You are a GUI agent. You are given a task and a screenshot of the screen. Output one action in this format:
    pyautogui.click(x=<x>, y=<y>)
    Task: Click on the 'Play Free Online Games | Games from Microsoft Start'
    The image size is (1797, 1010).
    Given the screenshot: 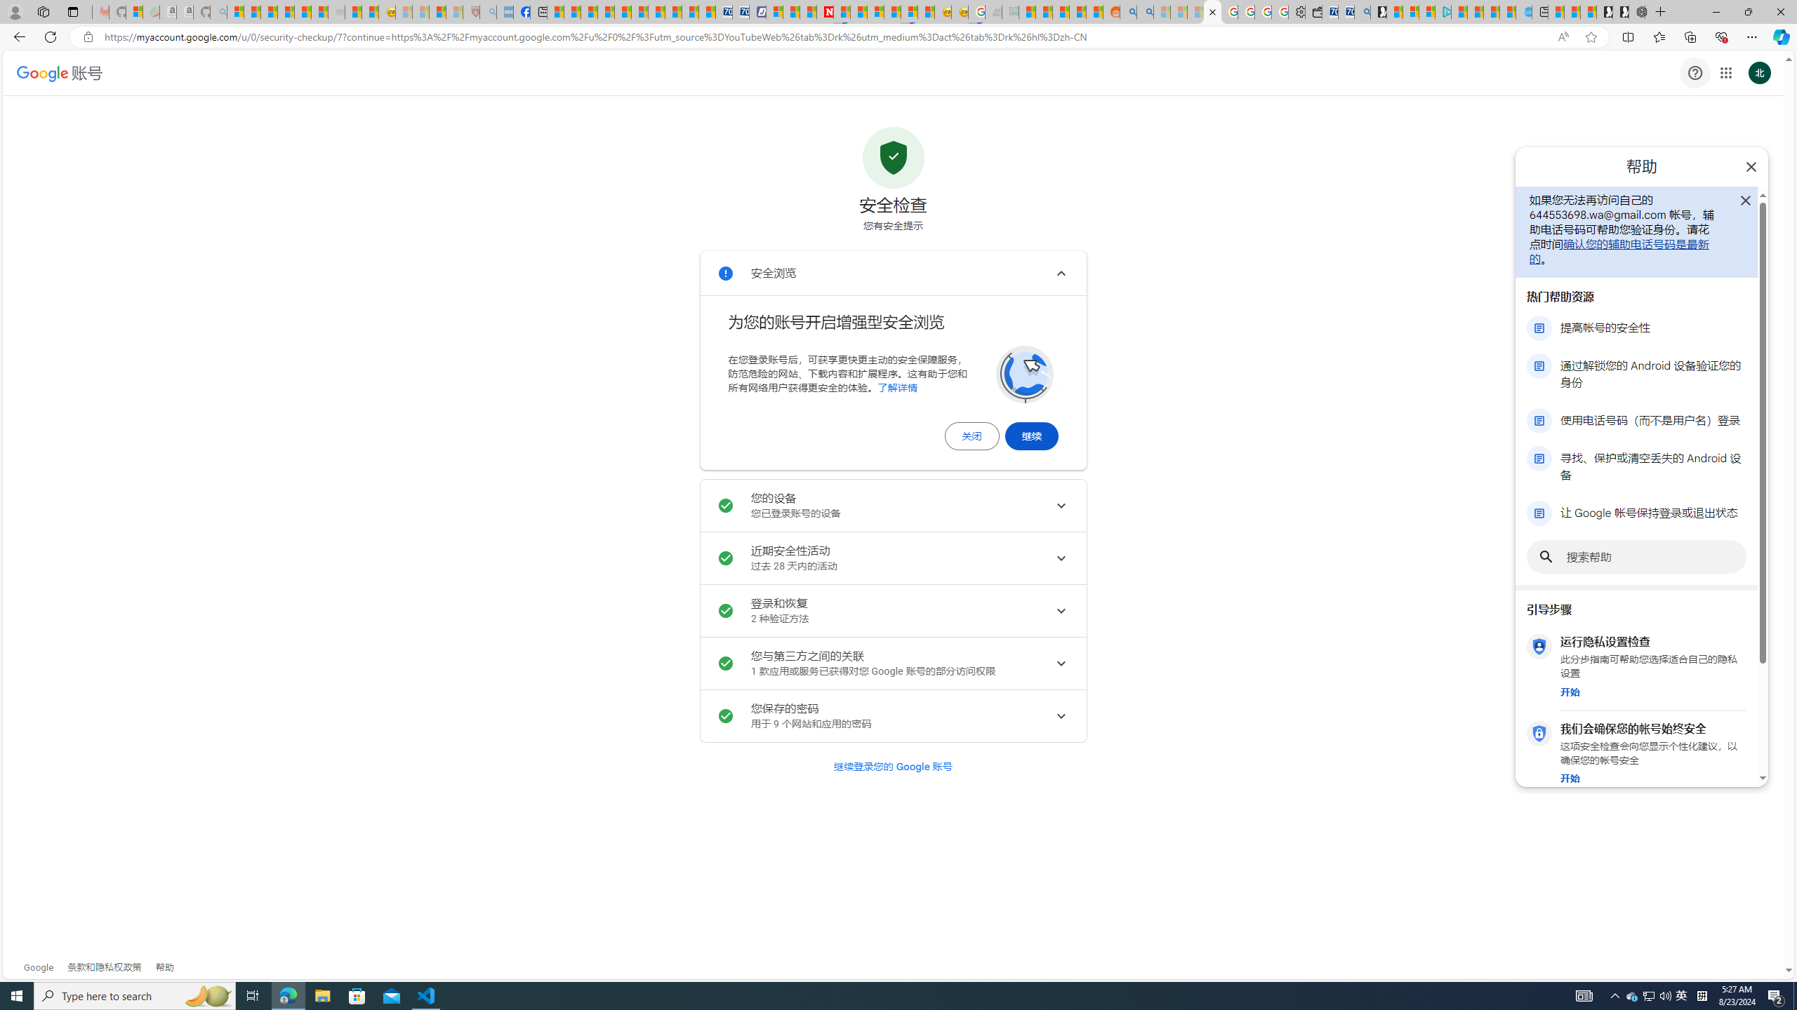 What is the action you would take?
    pyautogui.click(x=1620, y=11)
    